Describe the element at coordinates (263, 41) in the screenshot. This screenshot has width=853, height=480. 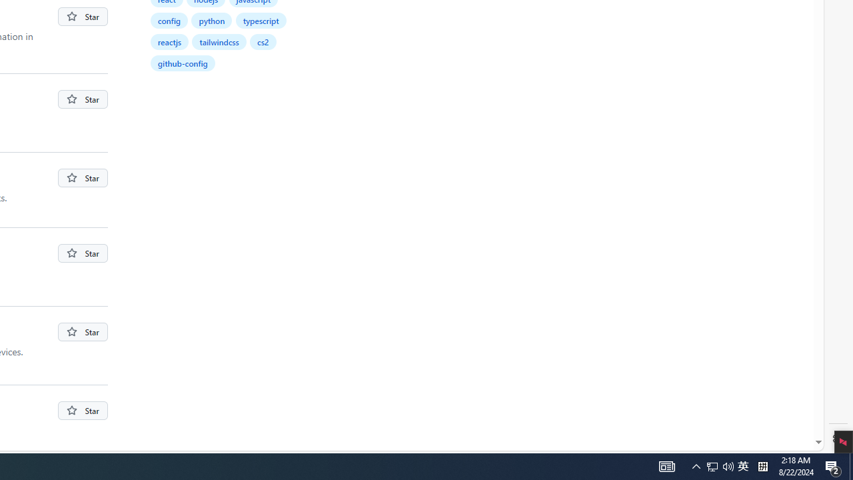
I see `'cs2'` at that location.